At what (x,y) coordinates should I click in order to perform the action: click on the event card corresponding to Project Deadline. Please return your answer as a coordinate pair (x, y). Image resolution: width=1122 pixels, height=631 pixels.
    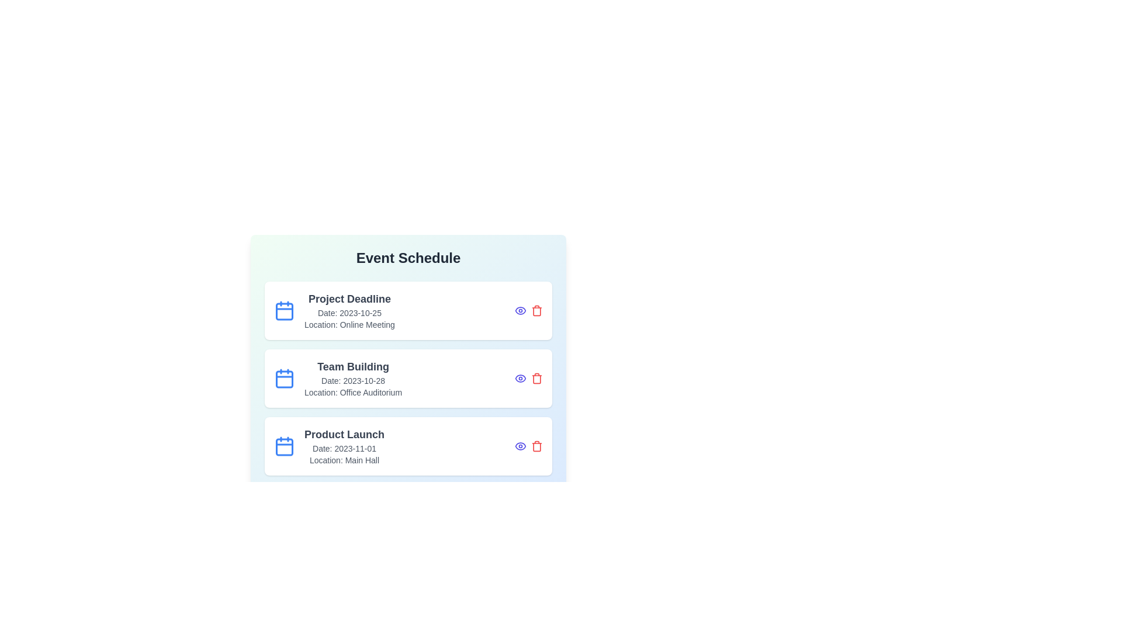
    Looking at the image, I should click on (408, 310).